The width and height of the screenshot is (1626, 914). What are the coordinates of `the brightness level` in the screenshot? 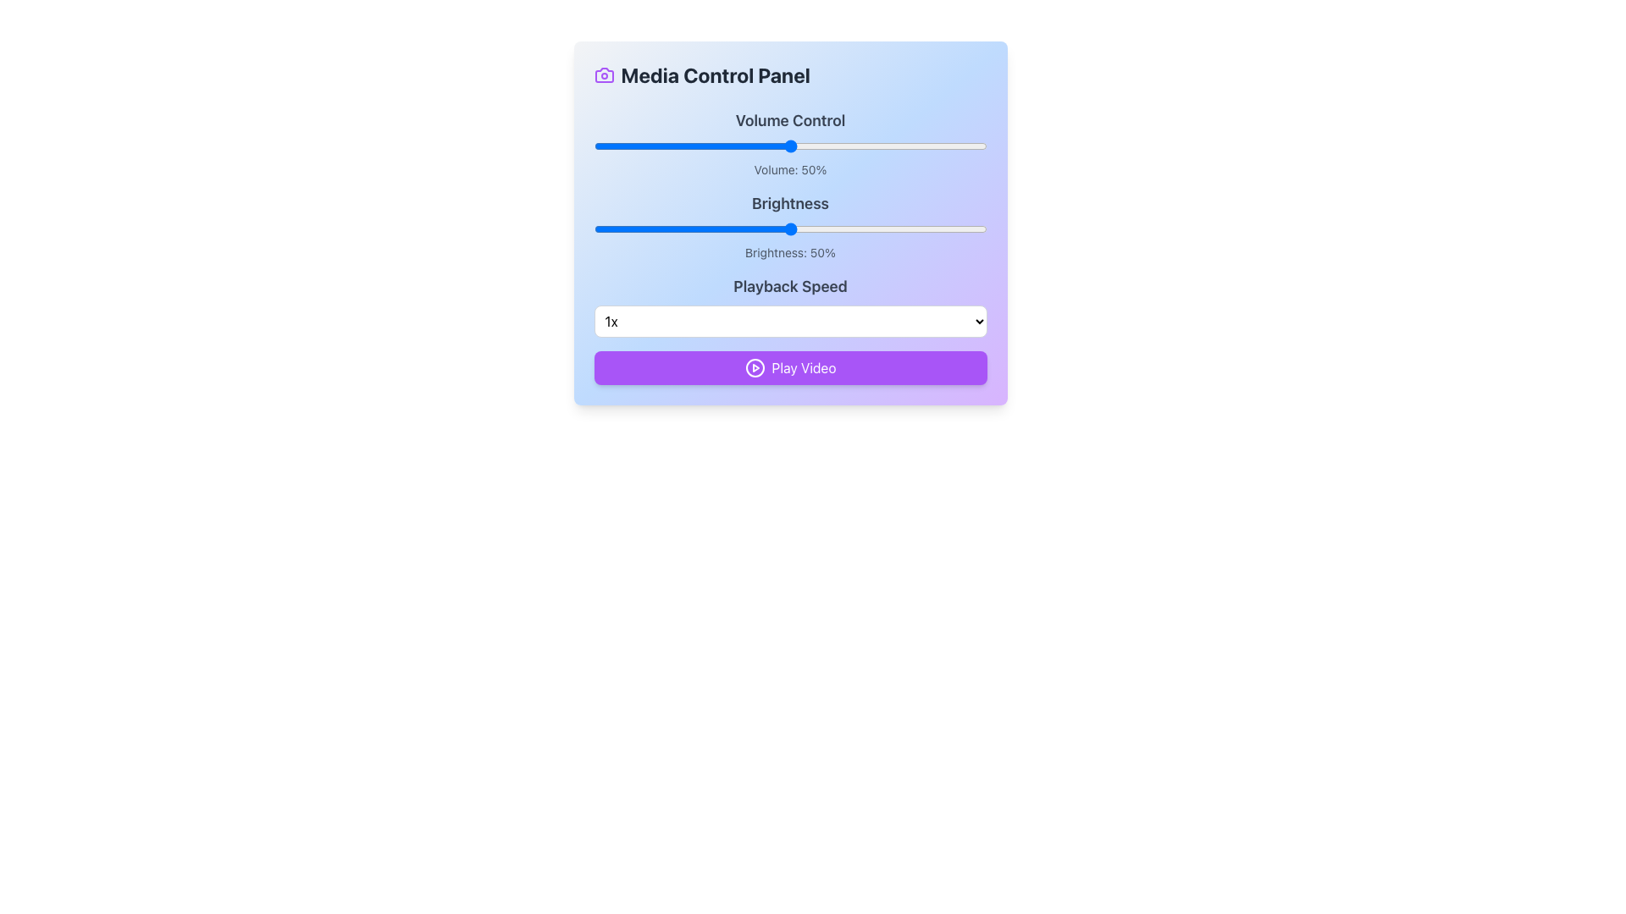 It's located at (967, 228).